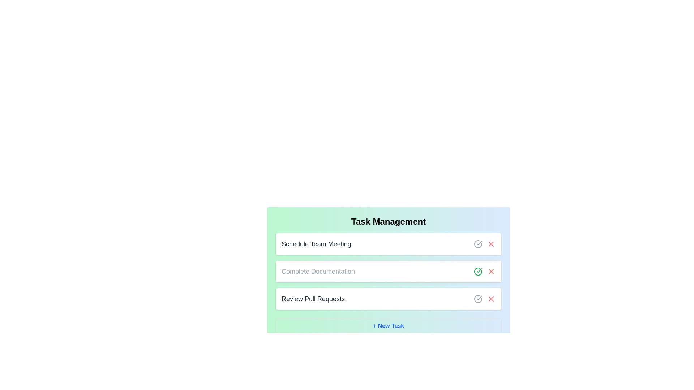 This screenshot has width=694, height=390. What do you see at coordinates (491, 299) in the screenshot?
I see `delete button for the task 'Review Pull Requests'` at bounding box center [491, 299].